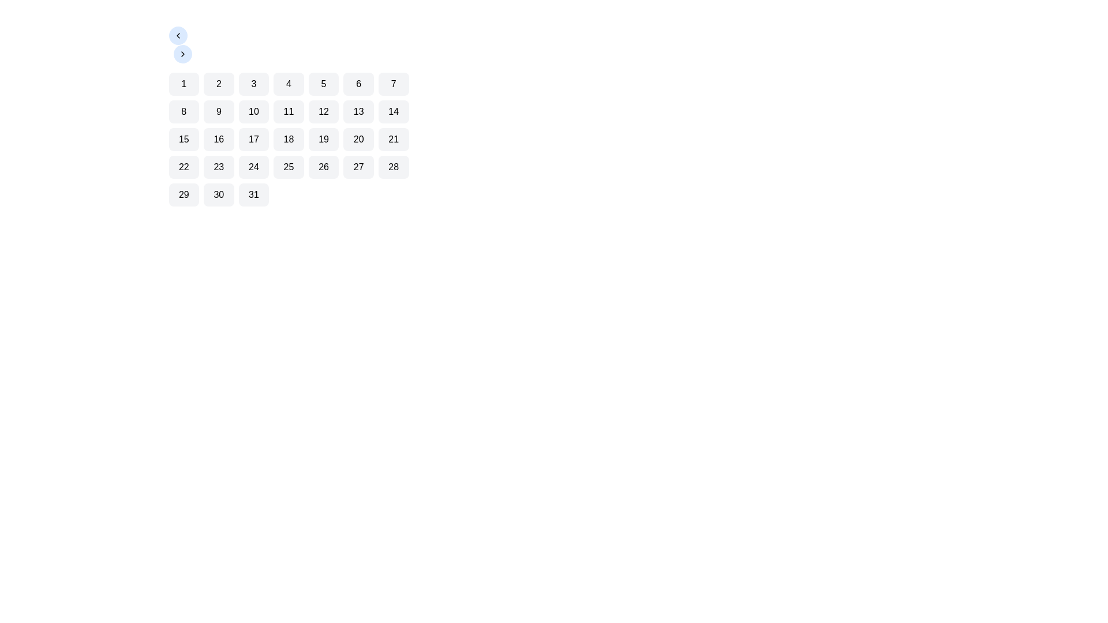 The height and width of the screenshot is (623, 1108). I want to click on the button labeled '31', which is a small square-shaped box with rounded corners and a light gray background, so click(253, 194).